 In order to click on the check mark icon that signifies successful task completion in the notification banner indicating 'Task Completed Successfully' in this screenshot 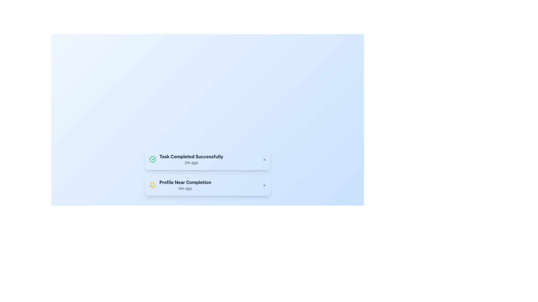, I will do `click(154, 159)`.